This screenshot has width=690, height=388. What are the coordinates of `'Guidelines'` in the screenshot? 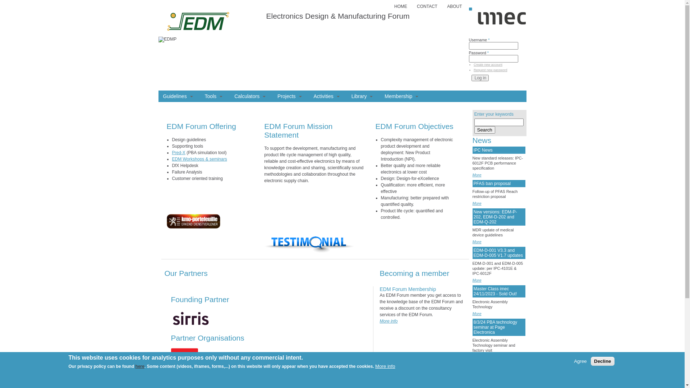 It's located at (178, 96).